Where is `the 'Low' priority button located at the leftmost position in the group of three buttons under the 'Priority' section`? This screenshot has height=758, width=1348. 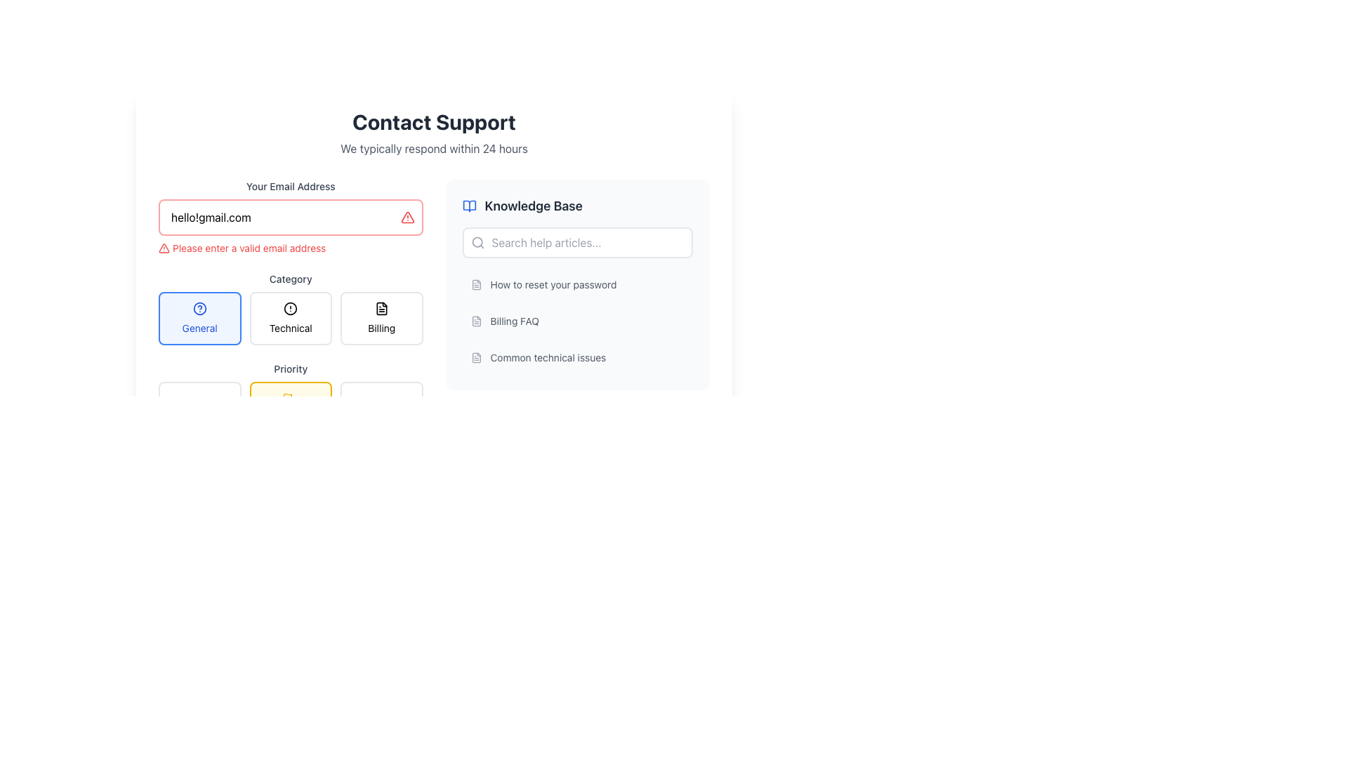 the 'Low' priority button located at the leftmost position in the group of three buttons under the 'Priority' section is located at coordinates (199, 406).